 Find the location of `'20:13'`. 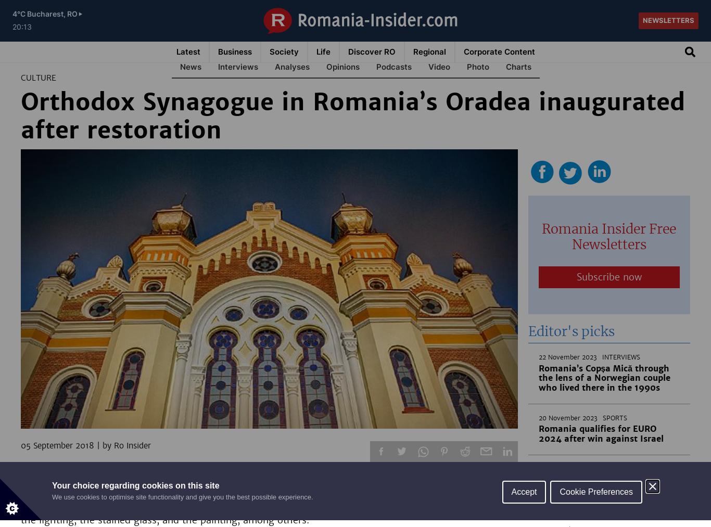

'20:13' is located at coordinates (12, 26).